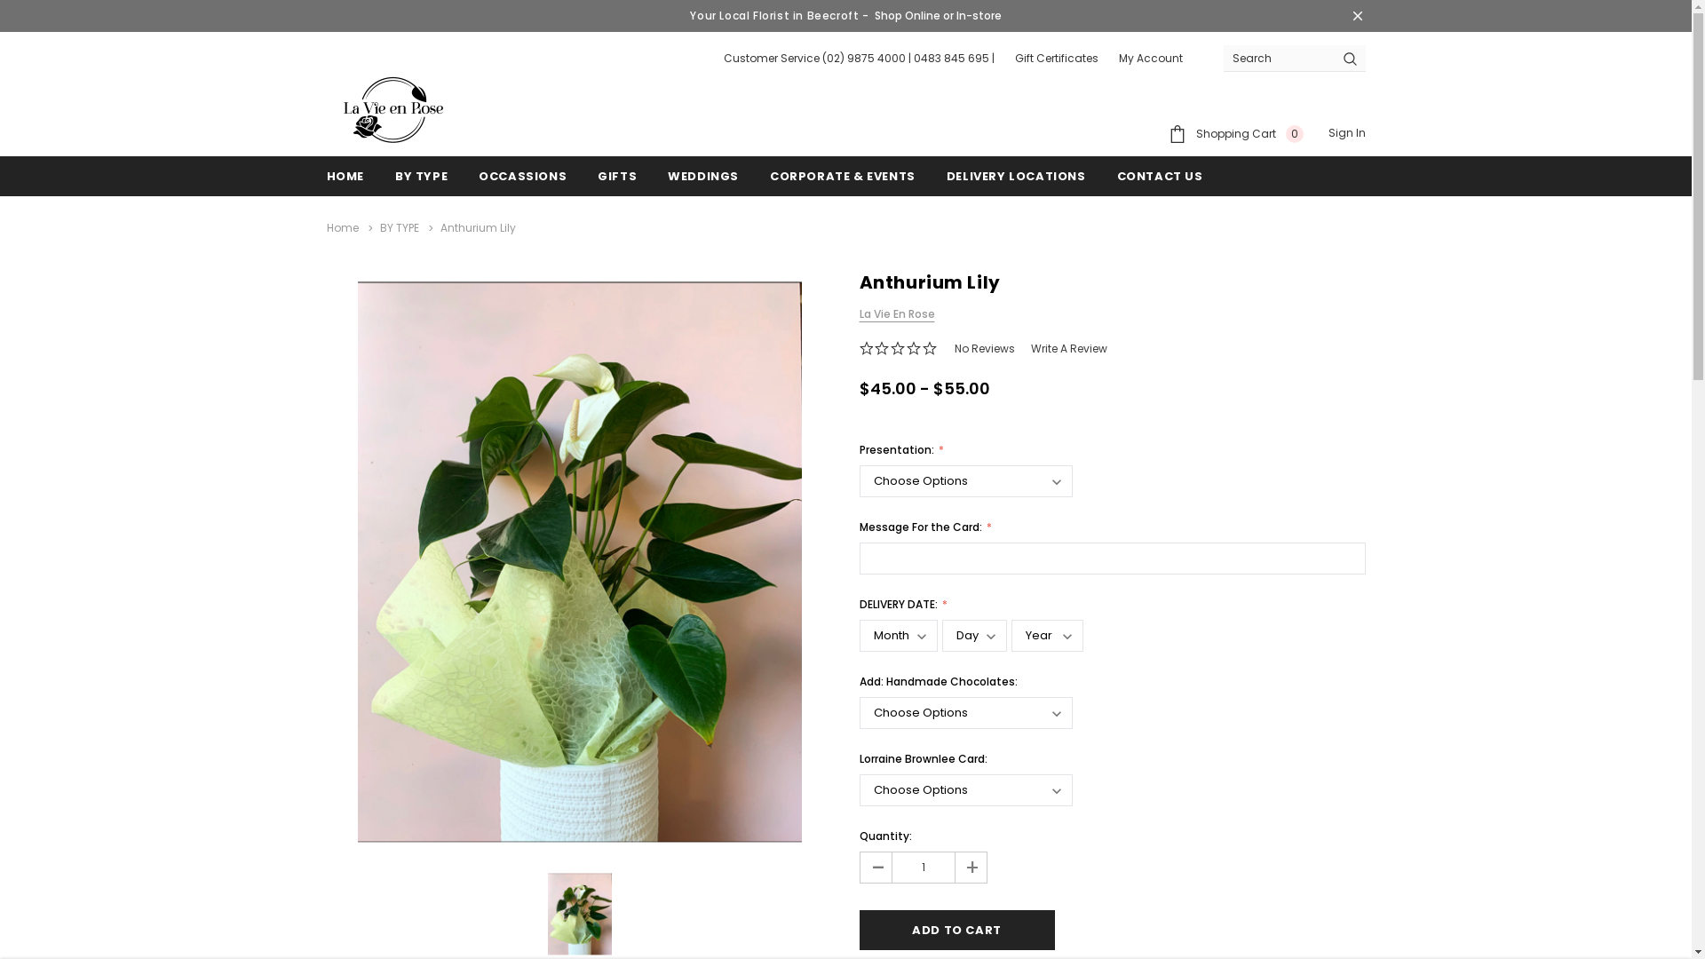 This screenshot has width=1705, height=959. What do you see at coordinates (842, 176) in the screenshot?
I see `'CORPORATE & EVENTS'` at bounding box center [842, 176].